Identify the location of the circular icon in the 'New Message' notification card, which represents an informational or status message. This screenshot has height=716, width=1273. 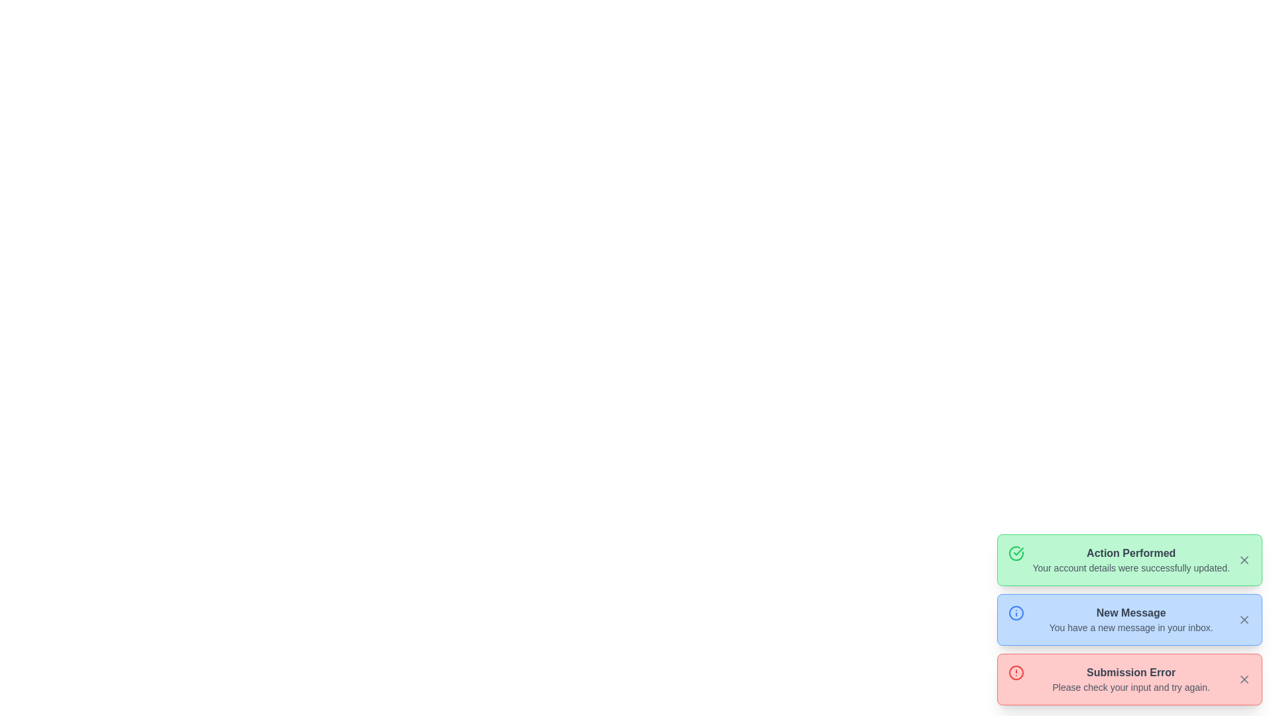
(1016, 613).